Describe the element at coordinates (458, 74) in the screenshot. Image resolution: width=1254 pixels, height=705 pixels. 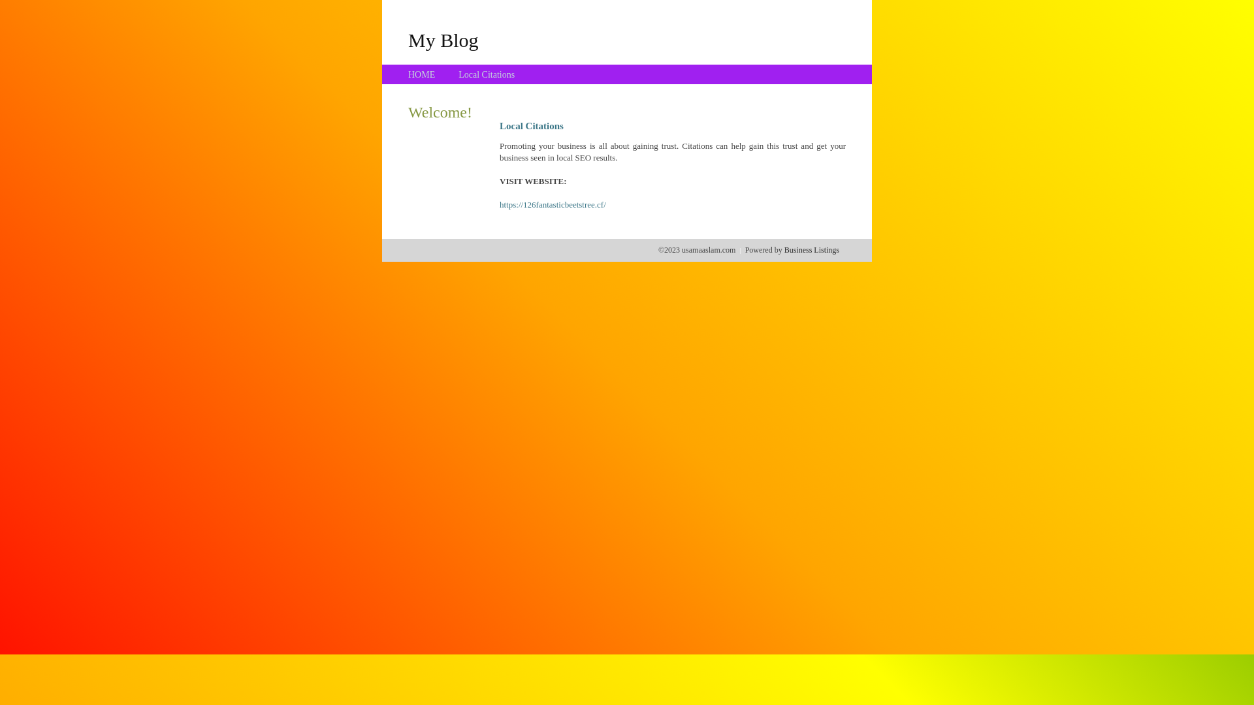
I see `'Local Citations'` at that location.